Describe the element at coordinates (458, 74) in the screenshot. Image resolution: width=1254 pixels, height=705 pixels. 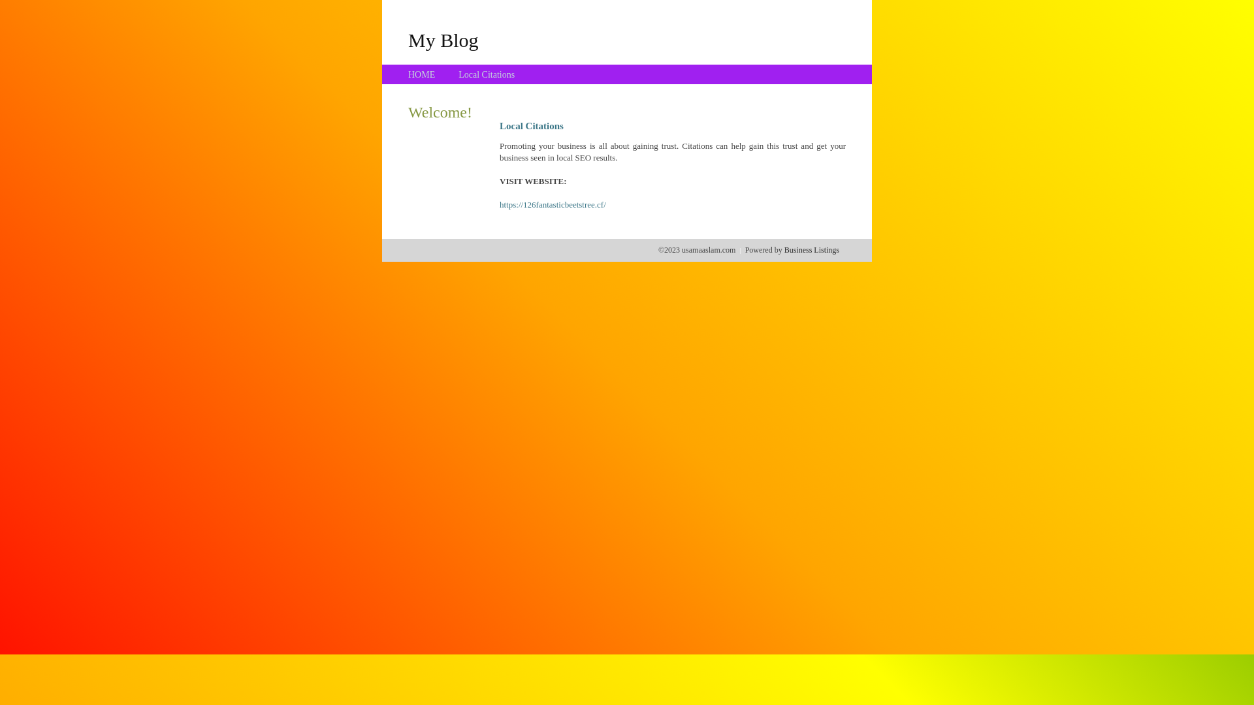
I see `'Local Citations'` at that location.